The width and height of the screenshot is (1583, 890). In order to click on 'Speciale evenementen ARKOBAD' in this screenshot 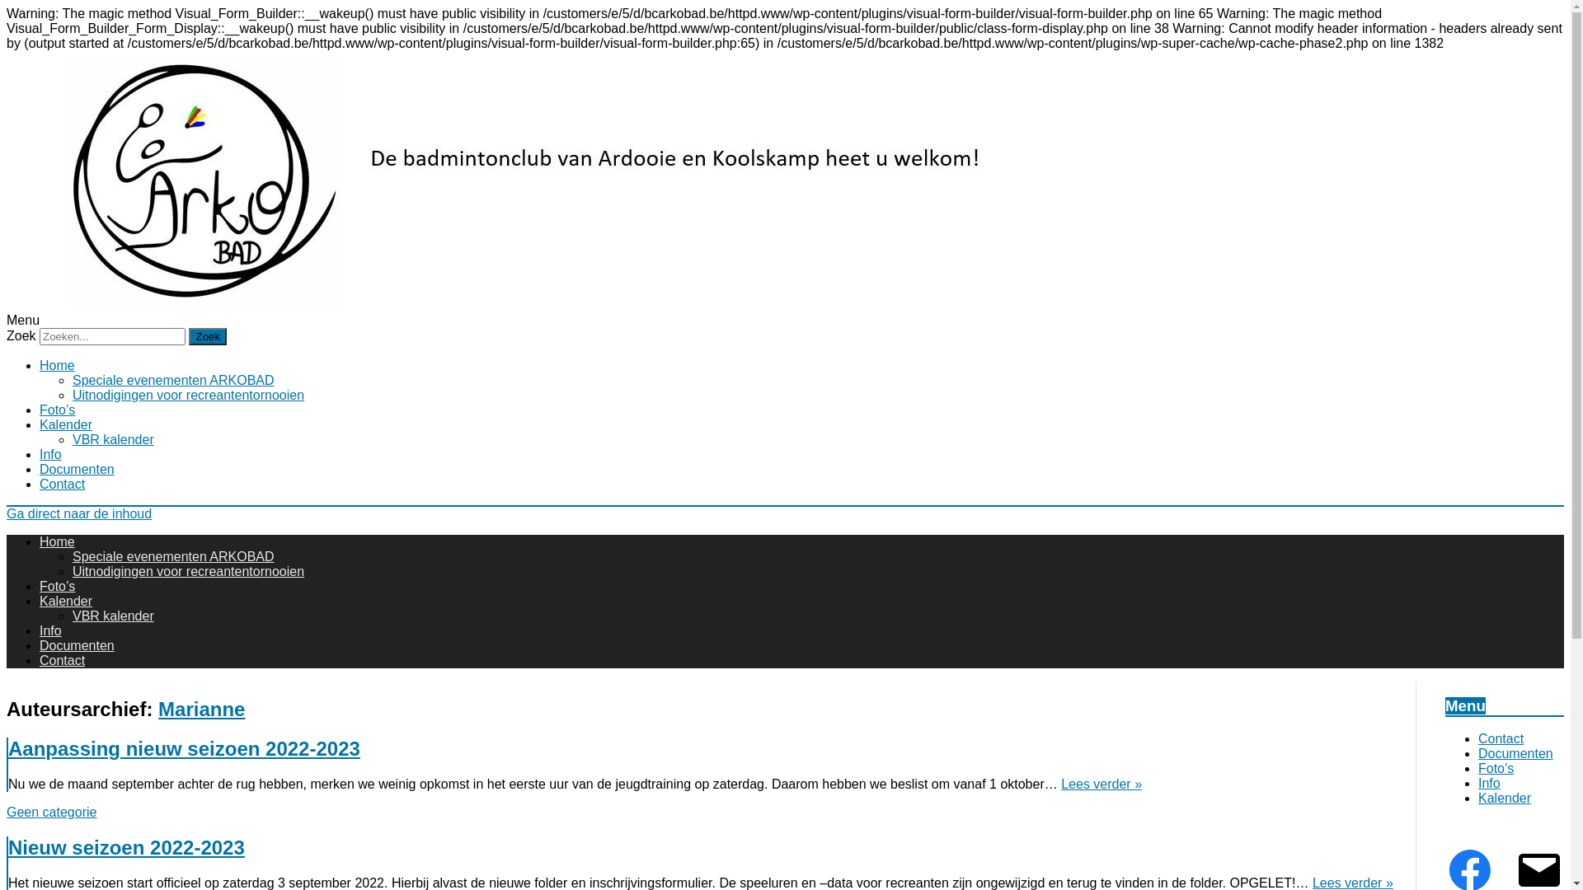, I will do `click(71, 556)`.